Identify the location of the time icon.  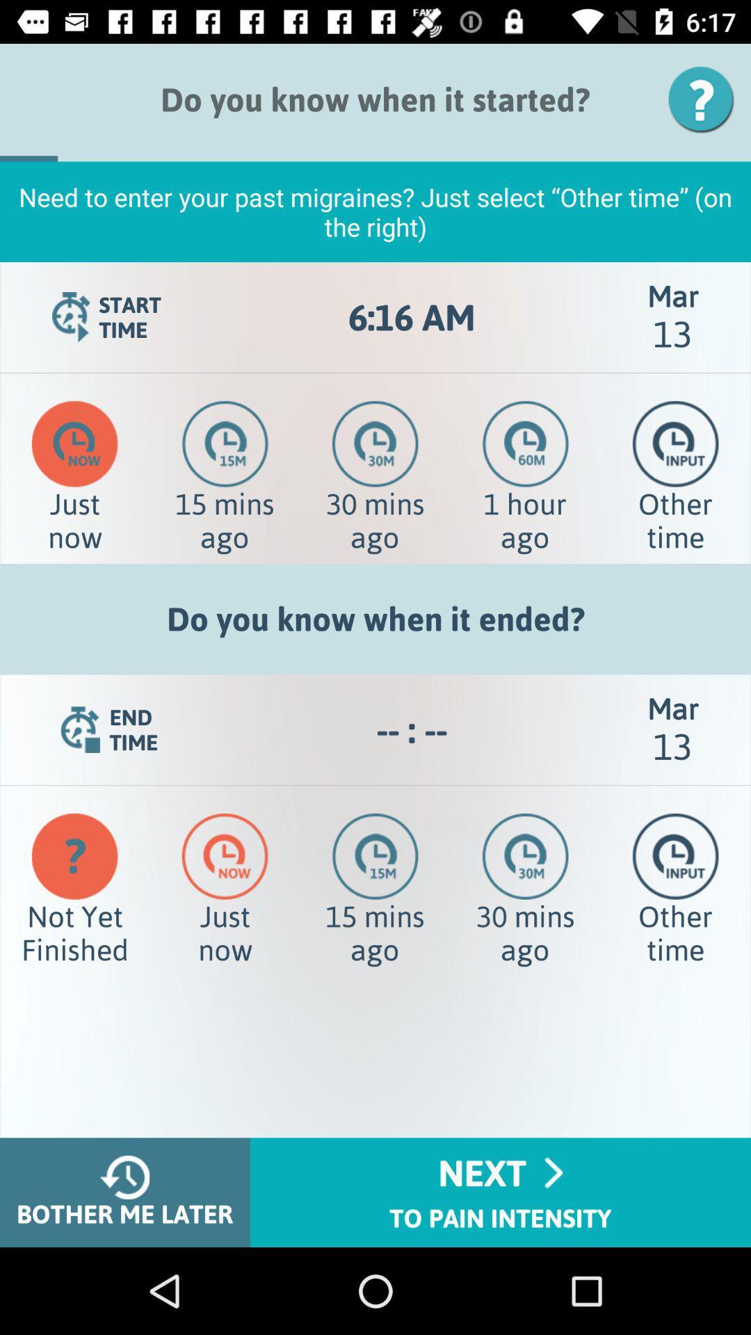
(225, 443).